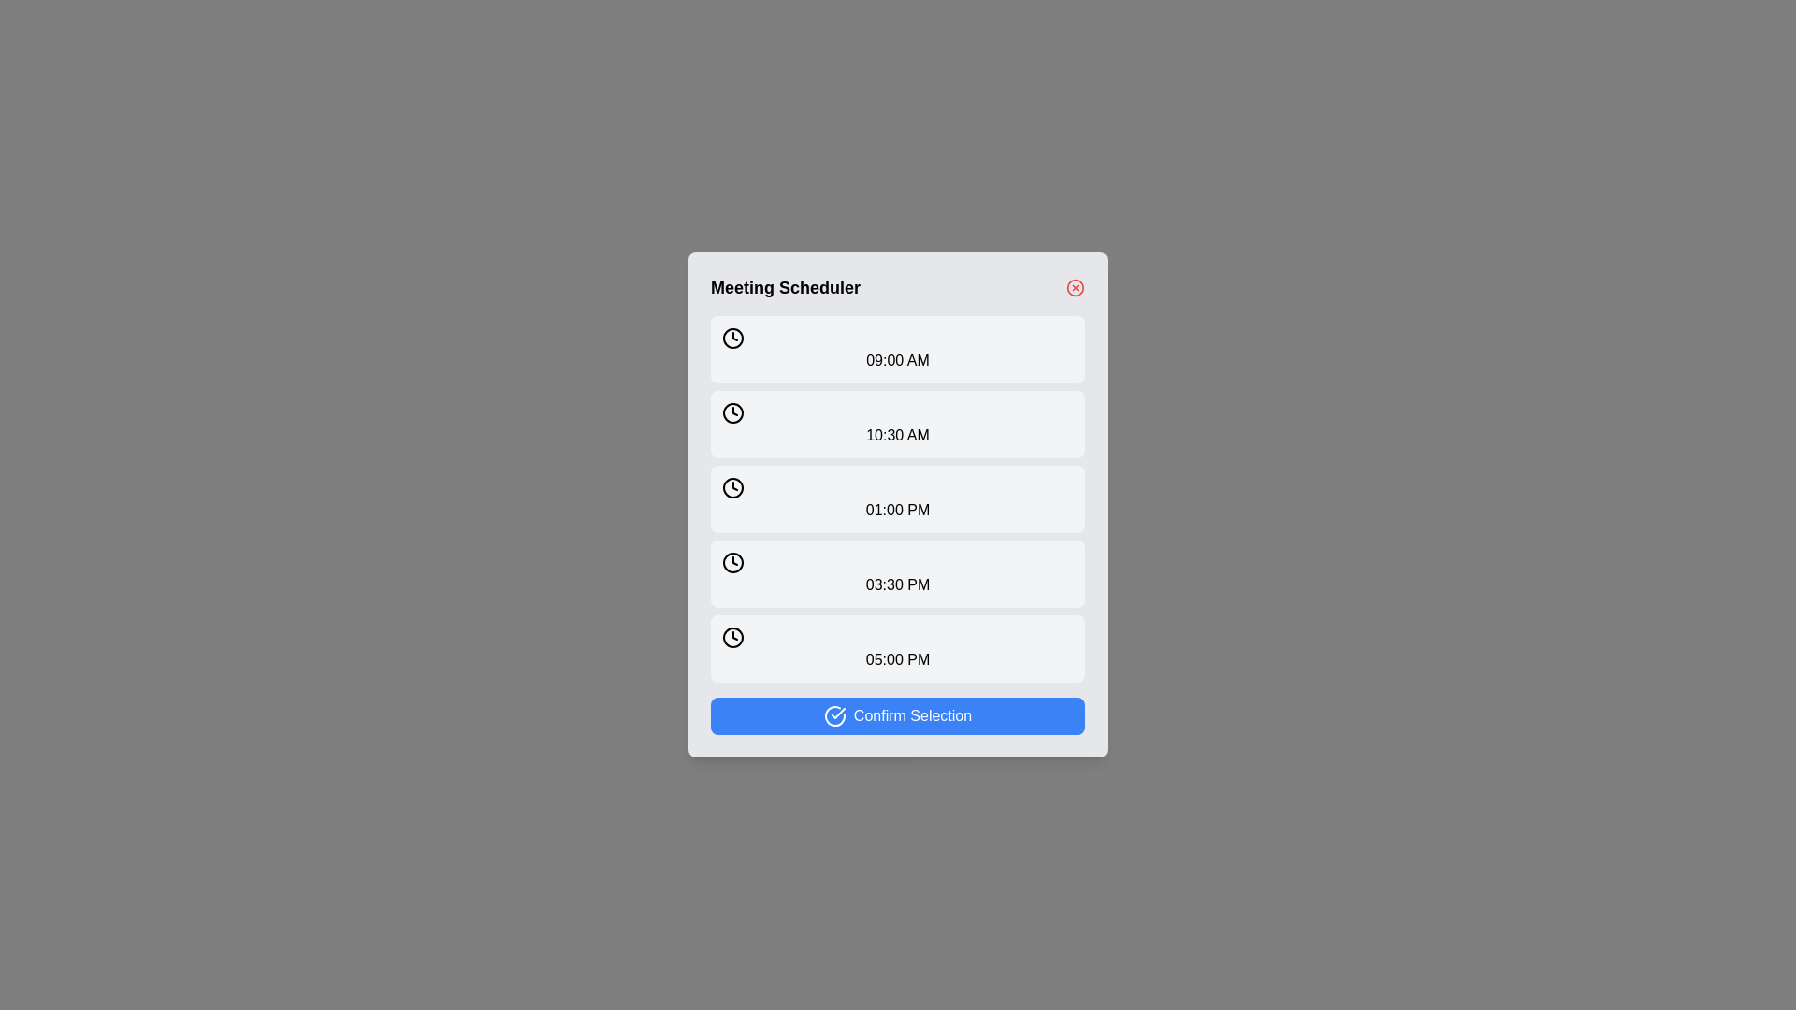 The height and width of the screenshot is (1010, 1796). I want to click on the time slot button corresponding to 01:00 PM, so click(898, 498).